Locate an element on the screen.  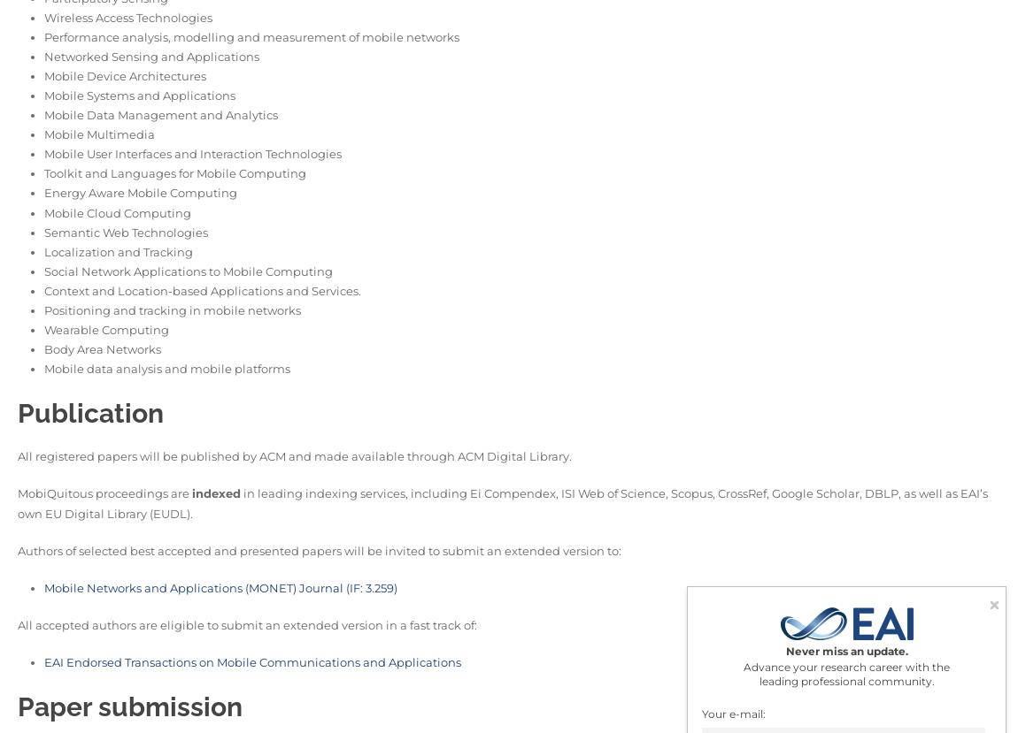
'Mobile Systems and Applications' is located at coordinates (139, 95).